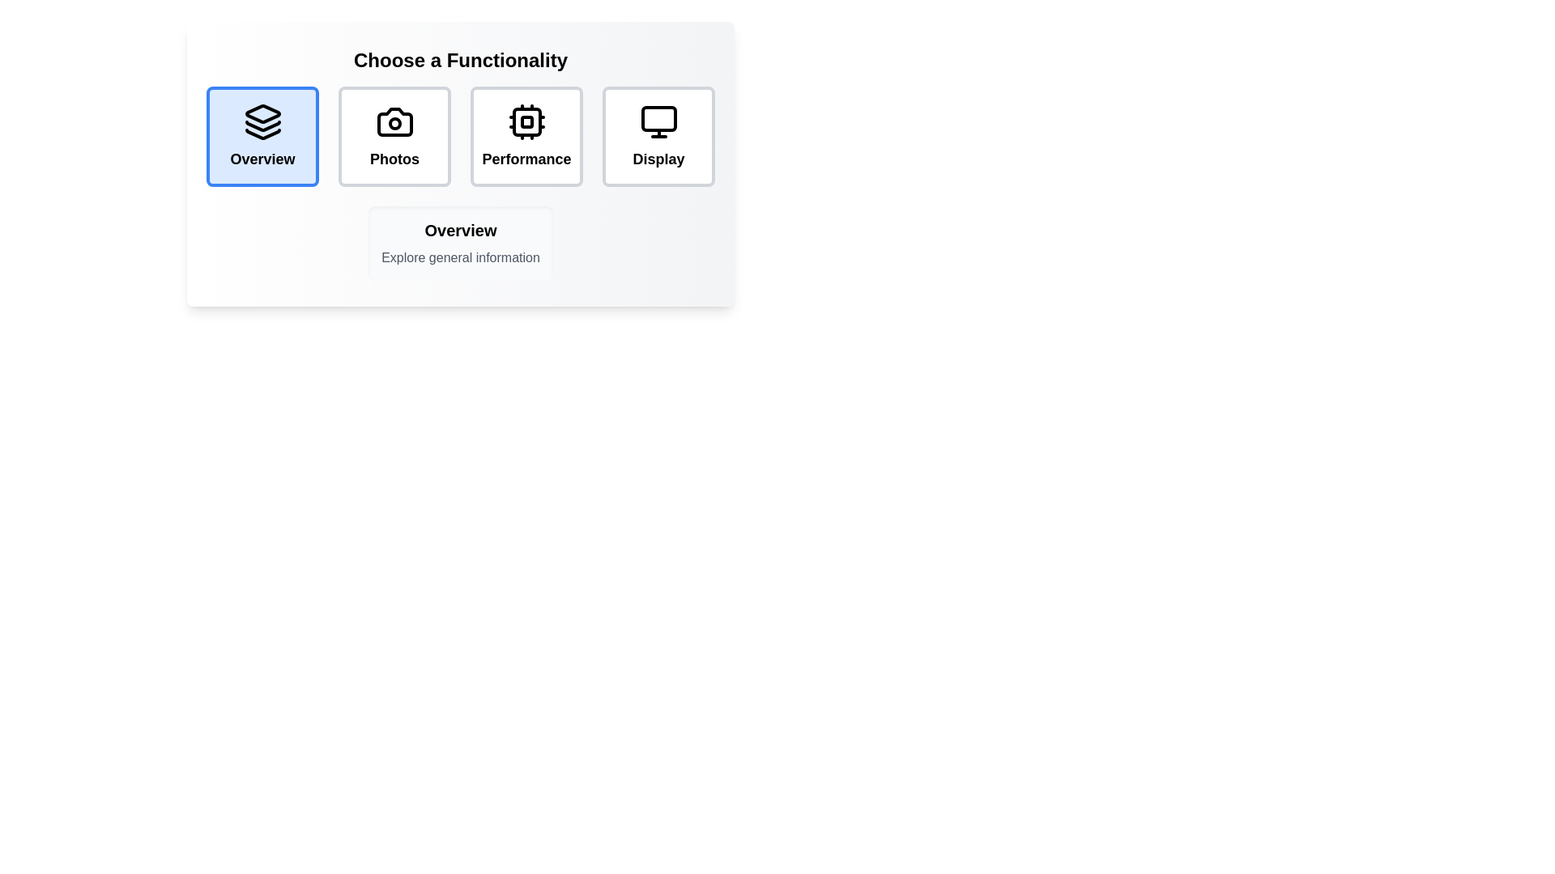 This screenshot has height=874, width=1555. What do you see at coordinates (262, 136) in the screenshot?
I see `the 'Overview' button, which is a light blue rectangular button with rounded corners, displaying an icon of stacked layers and the text 'Overview' below it` at bounding box center [262, 136].